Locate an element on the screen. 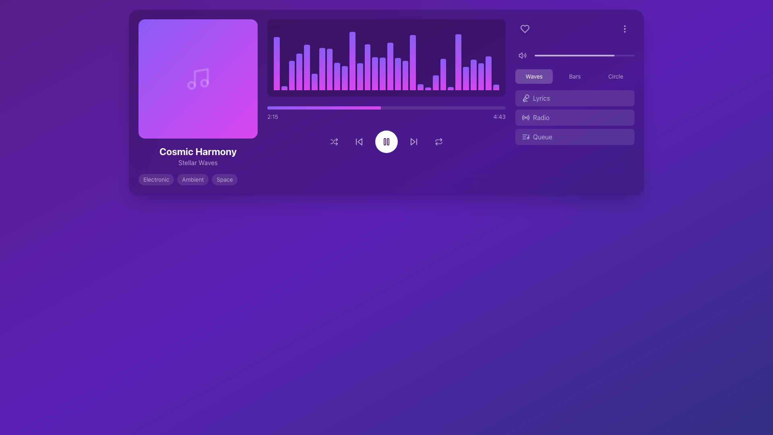 Image resolution: width=773 pixels, height=435 pixels. data changes by interacting with the middle vertical bar in the bar chart, which represents a data point in the graphical user interface is located at coordinates (367, 66).